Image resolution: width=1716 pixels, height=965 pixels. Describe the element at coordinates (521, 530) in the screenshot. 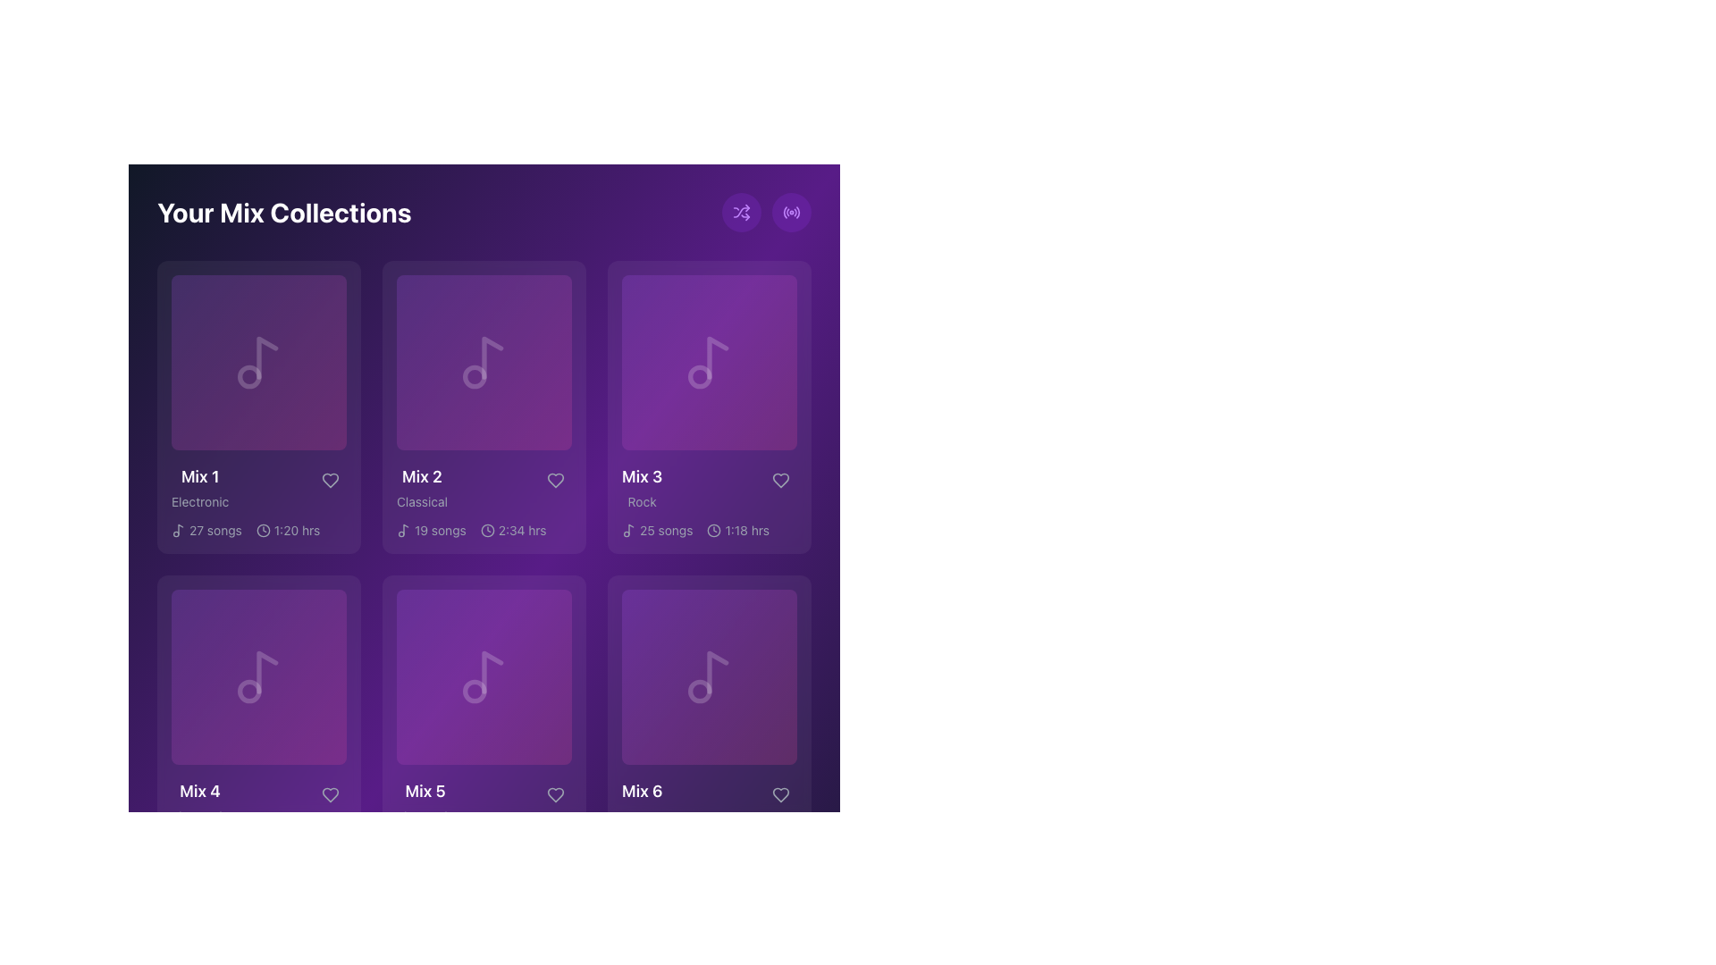

I see `the static text label displaying '2:34 hrs' in white font on a purple background, which is located in the second card of a grid layout under the label 'Mix 2' and next to the clock icon` at that location.